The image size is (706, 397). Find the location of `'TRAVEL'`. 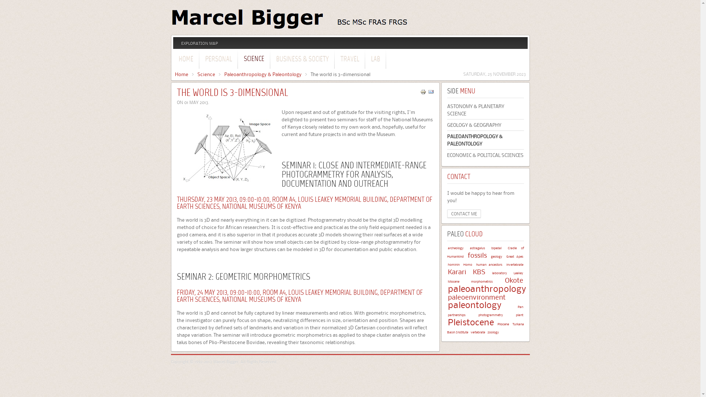

'TRAVEL' is located at coordinates (334, 58).